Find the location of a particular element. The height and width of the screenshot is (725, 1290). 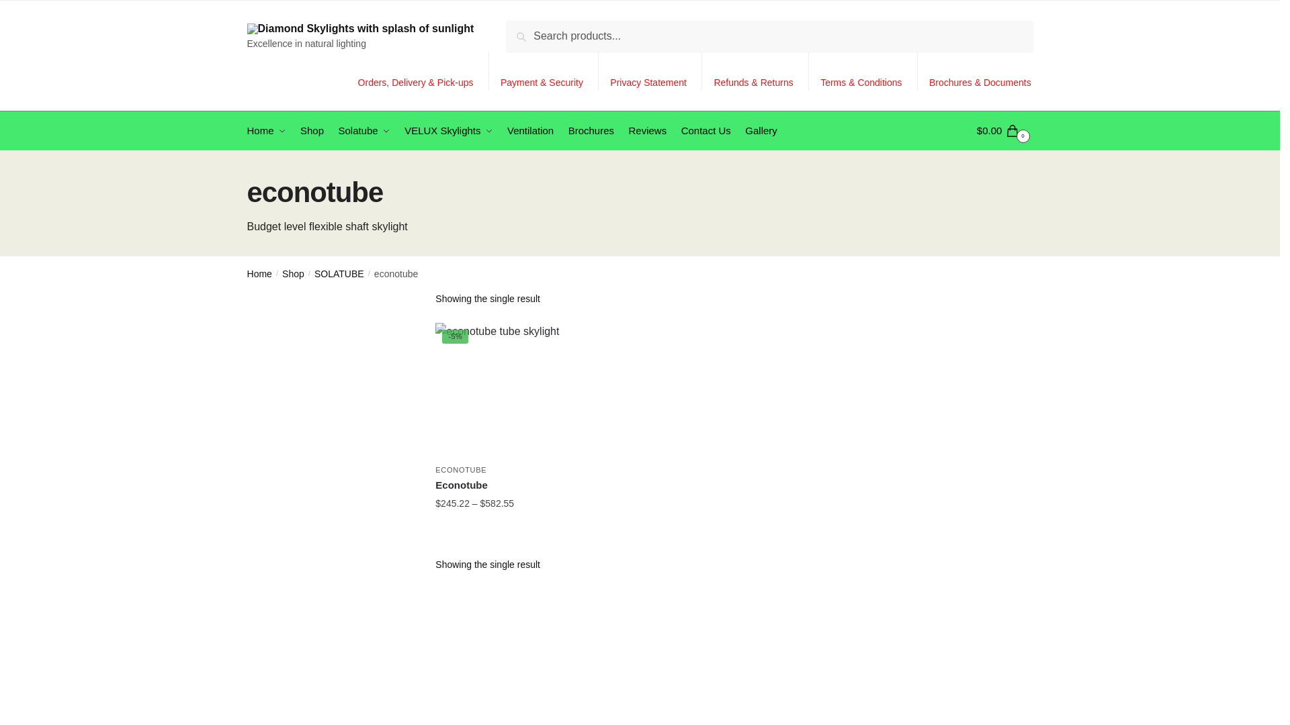

'VELUX Skylights' is located at coordinates (398, 131).